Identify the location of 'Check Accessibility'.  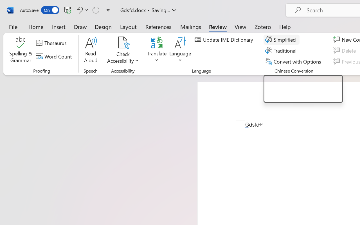
(123, 42).